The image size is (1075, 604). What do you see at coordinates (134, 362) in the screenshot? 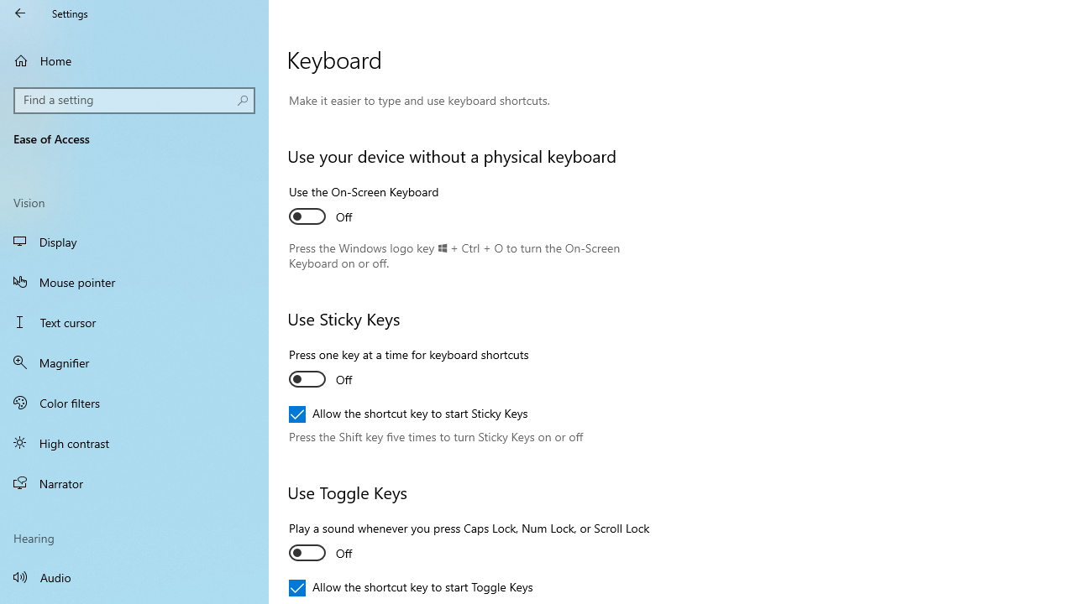
I see `'Magnifier'` at bounding box center [134, 362].